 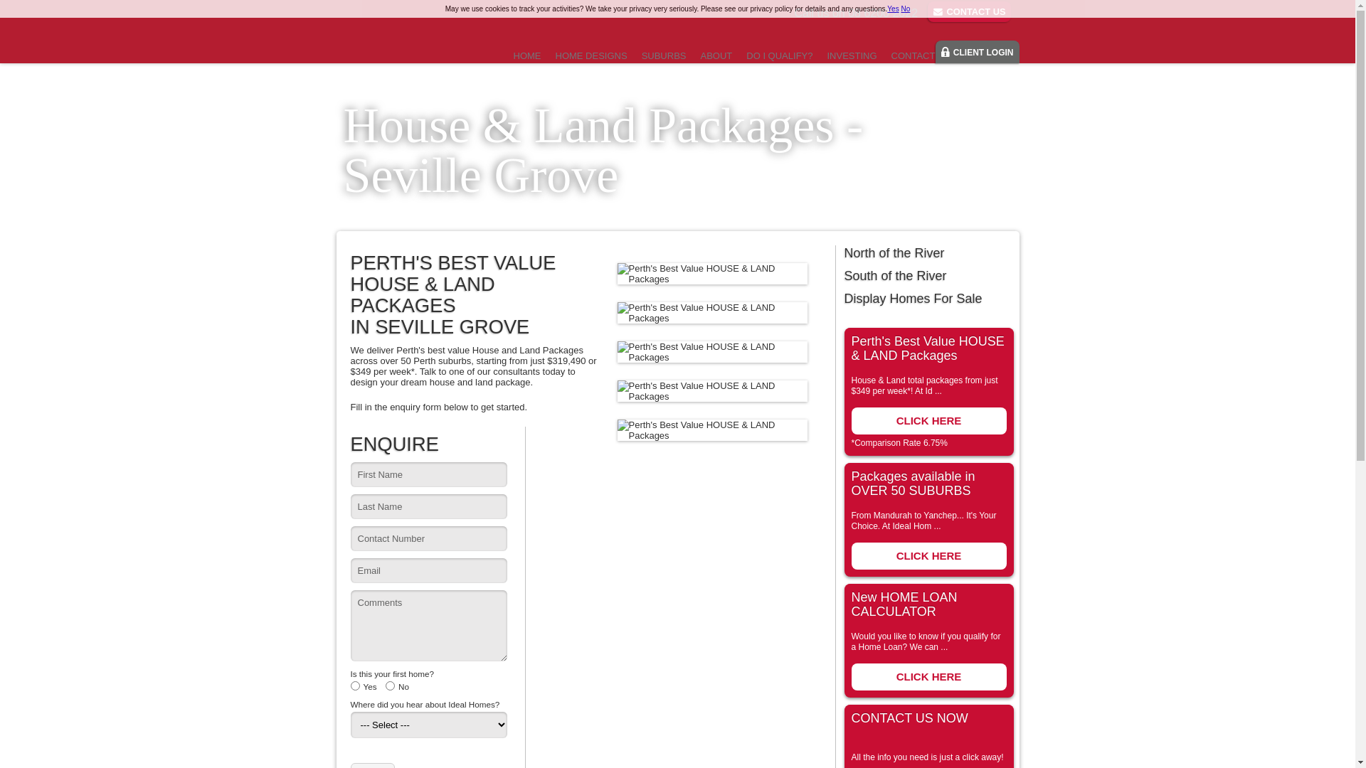 What do you see at coordinates (928, 298) in the screenshot?
I see `'Display Homes For Sale'` at bounding box center [928, 298].